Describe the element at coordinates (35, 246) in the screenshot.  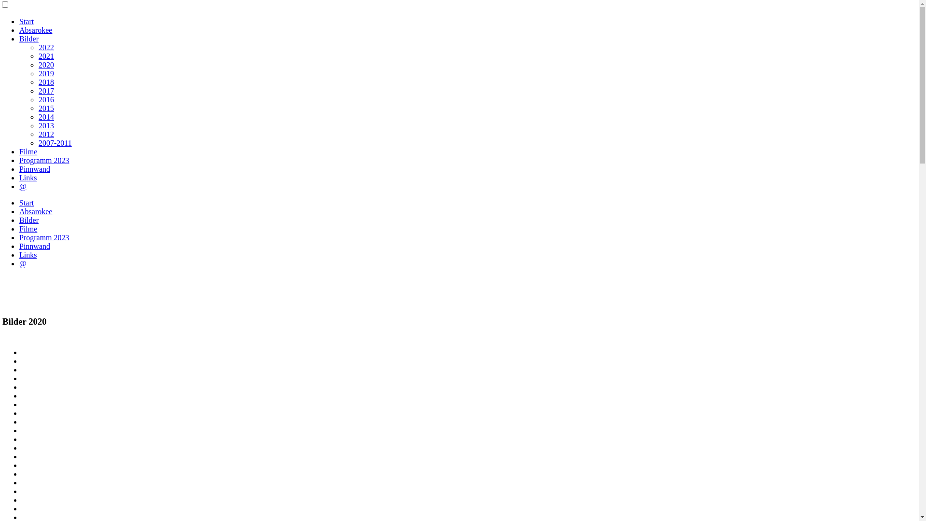
I see `'Pinnwand'` at that location.